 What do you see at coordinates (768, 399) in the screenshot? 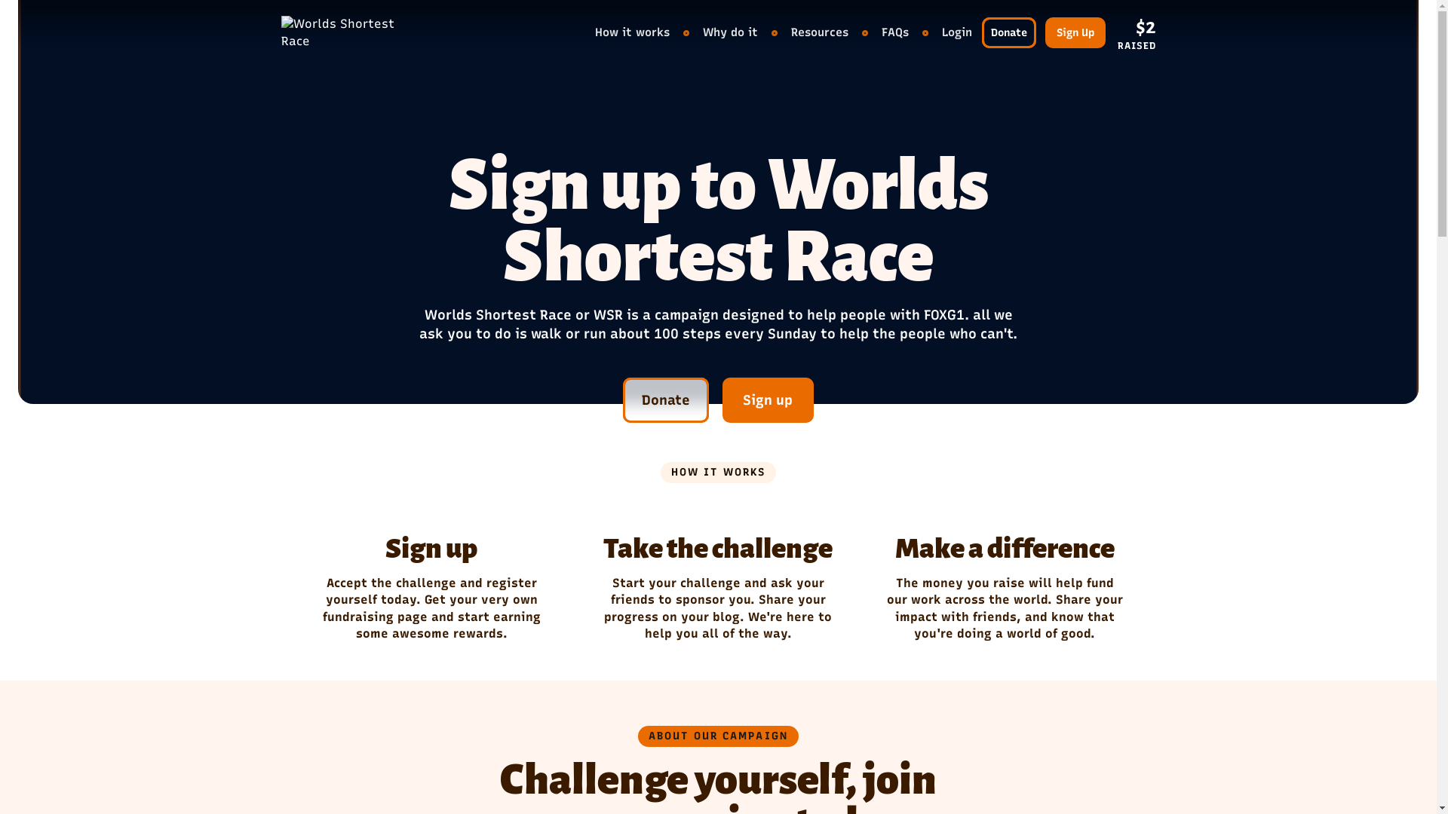
I see `'Sign up'` at bounding box center [768, 399].